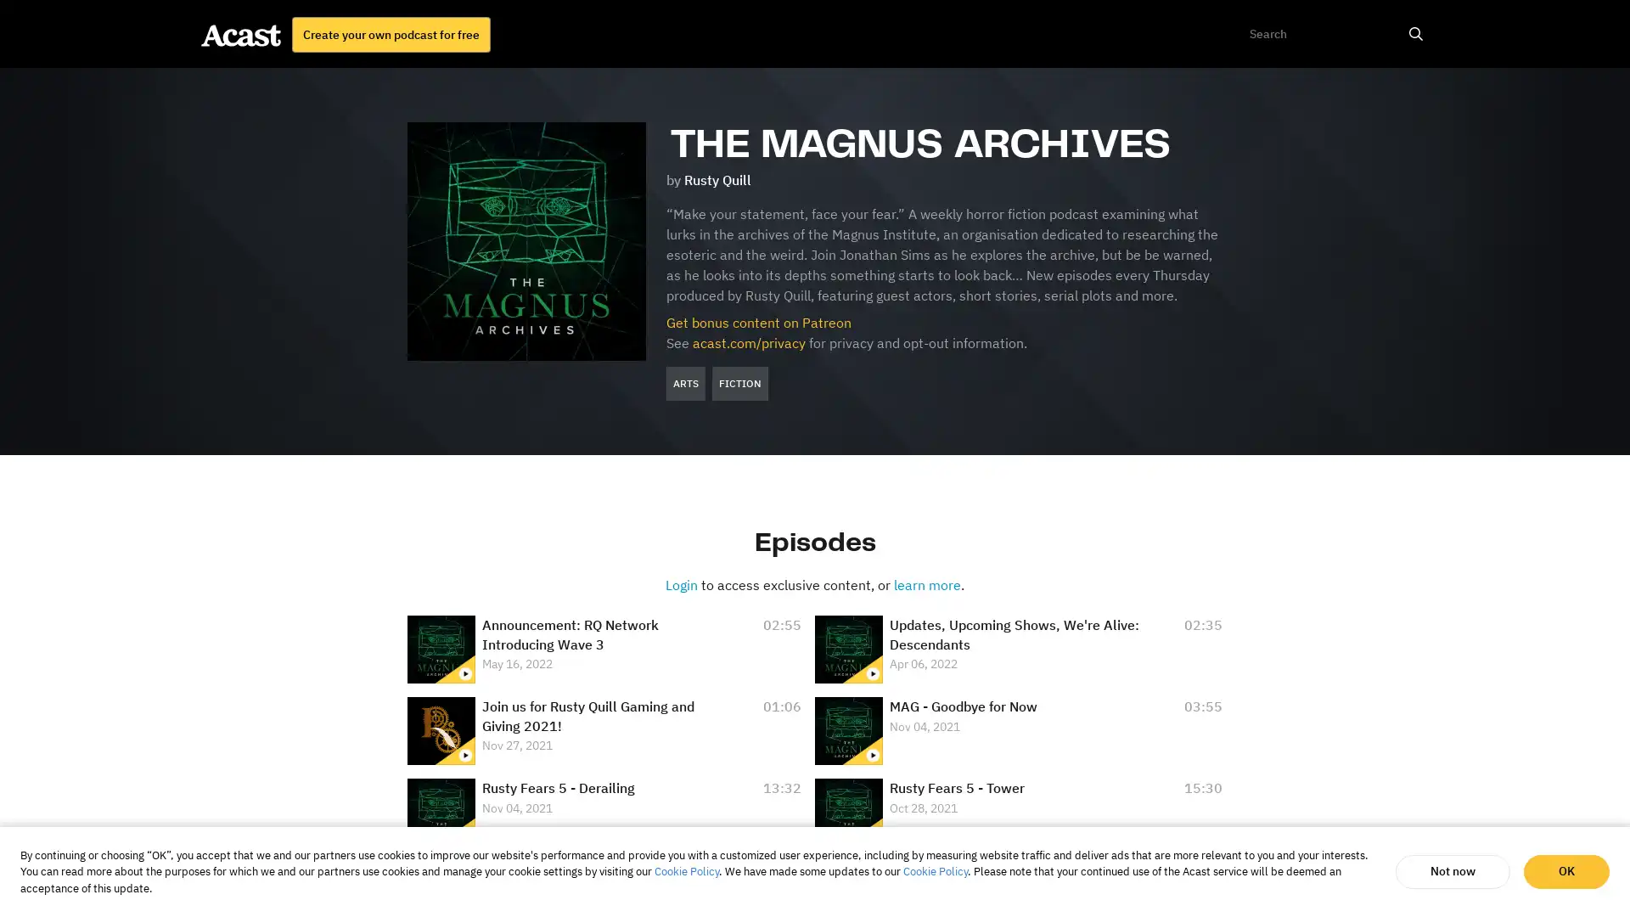 This screenshot has width=1630, height=917. What do you see at coordinates (1565, 871) in the screenshot?
I see `OK` at bounding box center [1565, 871].